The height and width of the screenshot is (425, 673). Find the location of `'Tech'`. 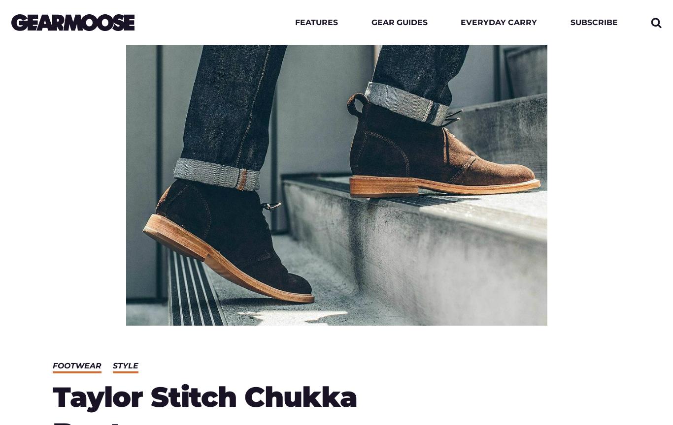

'Tech' is located at coordinates (370, 82).